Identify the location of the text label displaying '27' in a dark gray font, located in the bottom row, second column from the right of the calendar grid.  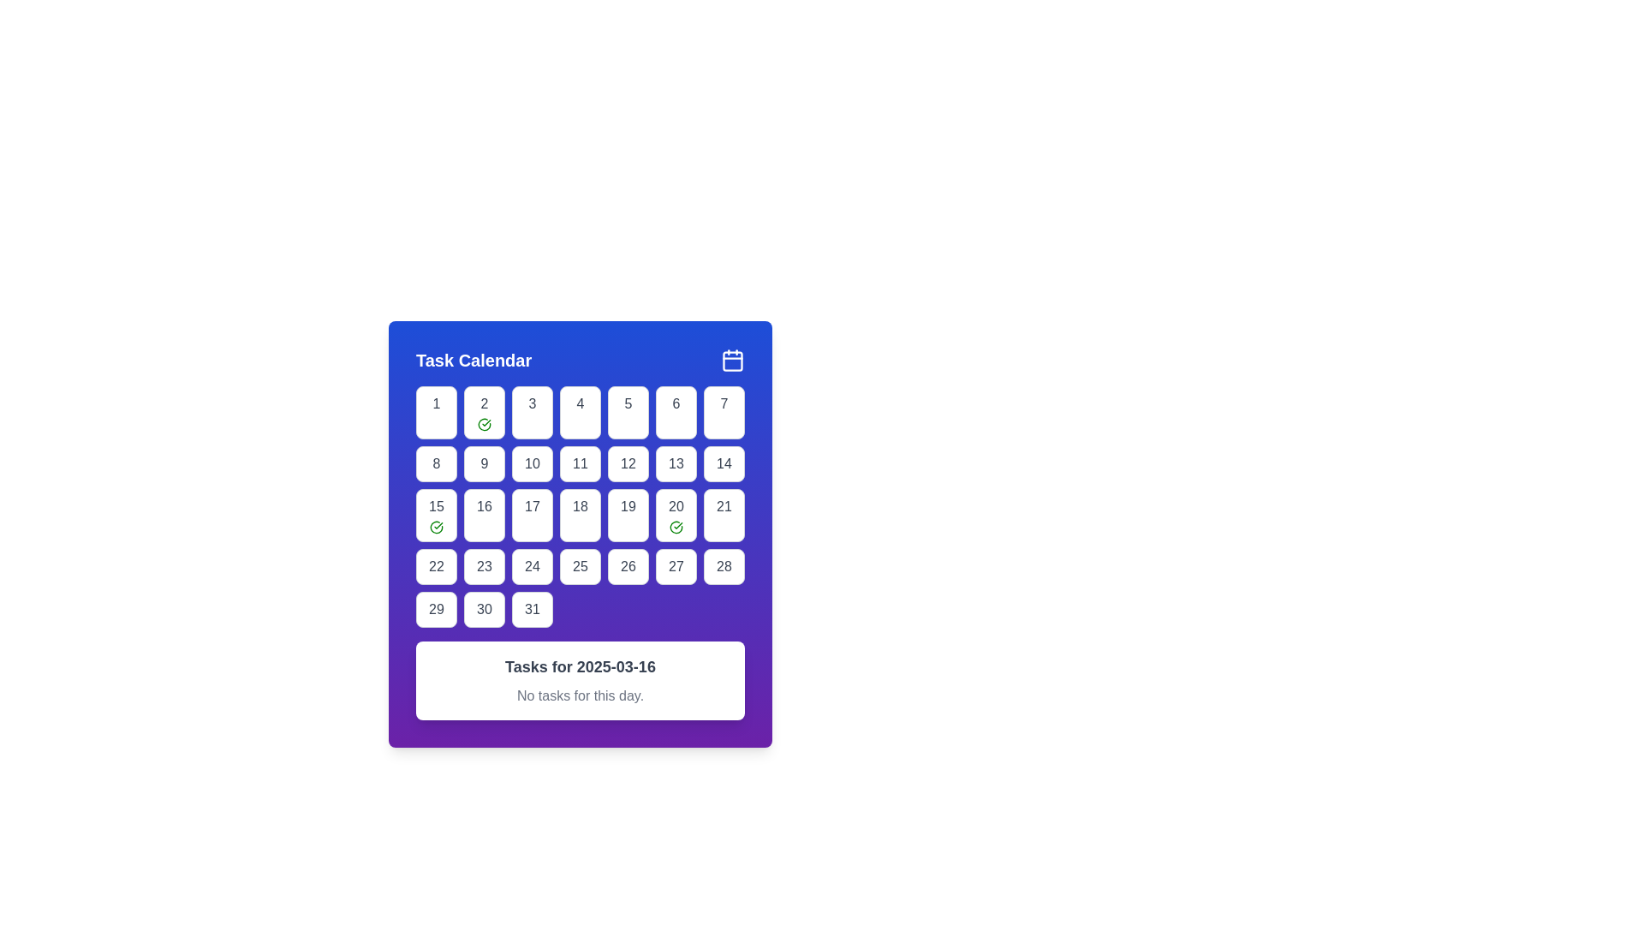
(676, 567).